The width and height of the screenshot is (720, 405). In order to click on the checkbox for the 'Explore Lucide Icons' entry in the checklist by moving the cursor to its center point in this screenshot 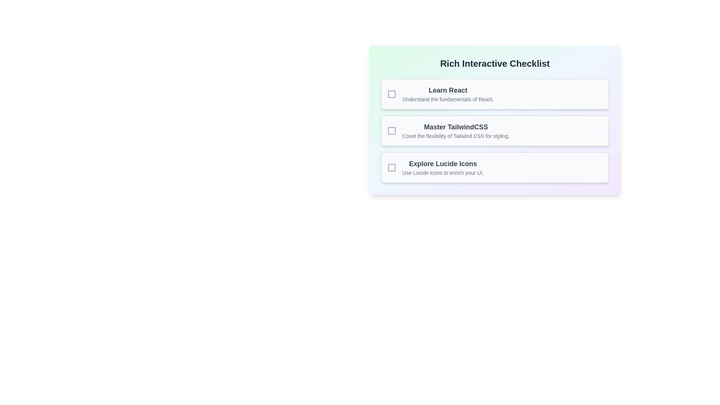, I will do `click(391, 167)`.